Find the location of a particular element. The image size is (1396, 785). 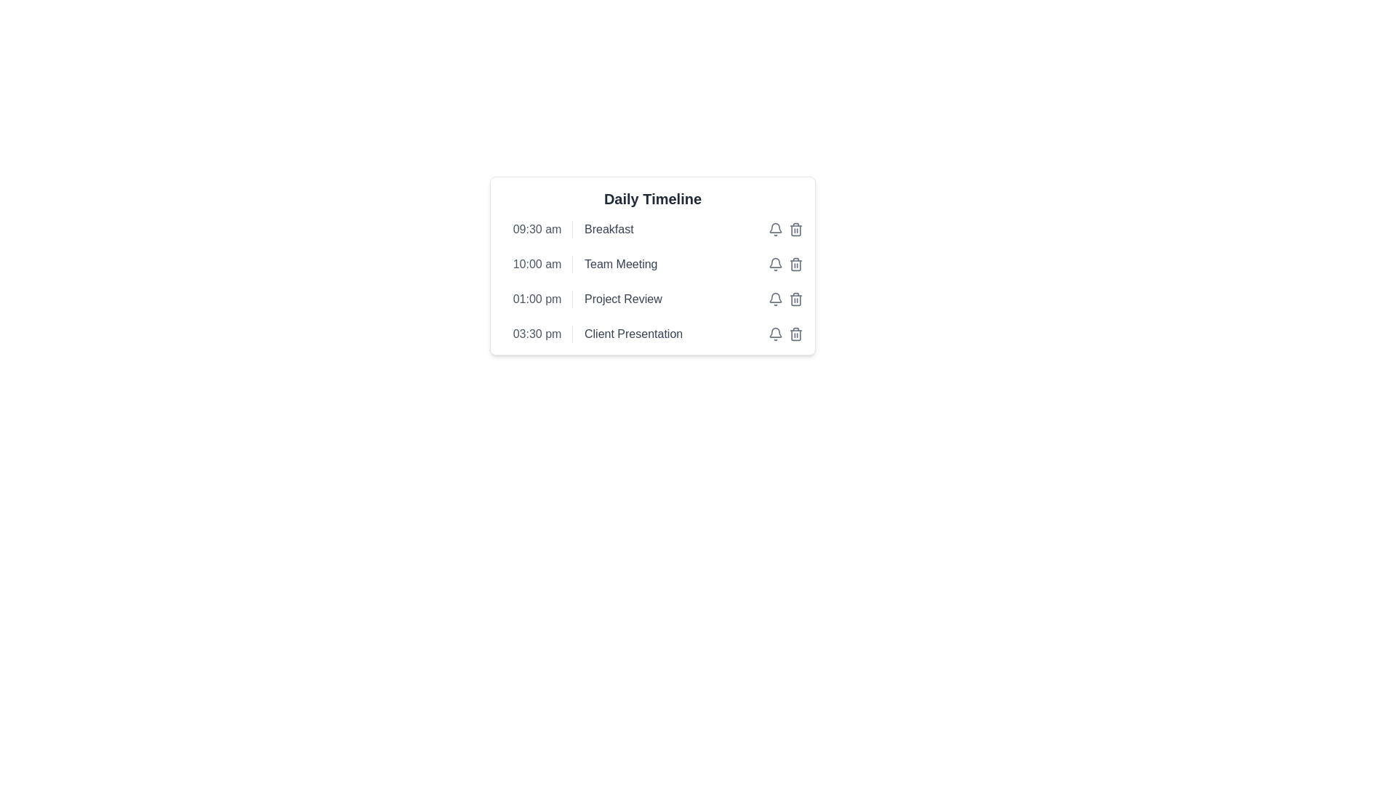

details of the Schedule Entry for 'Team Meeting' at '10:00 am', which is the second entry in the list of daily timeline events is located at coordinates (651, 264).